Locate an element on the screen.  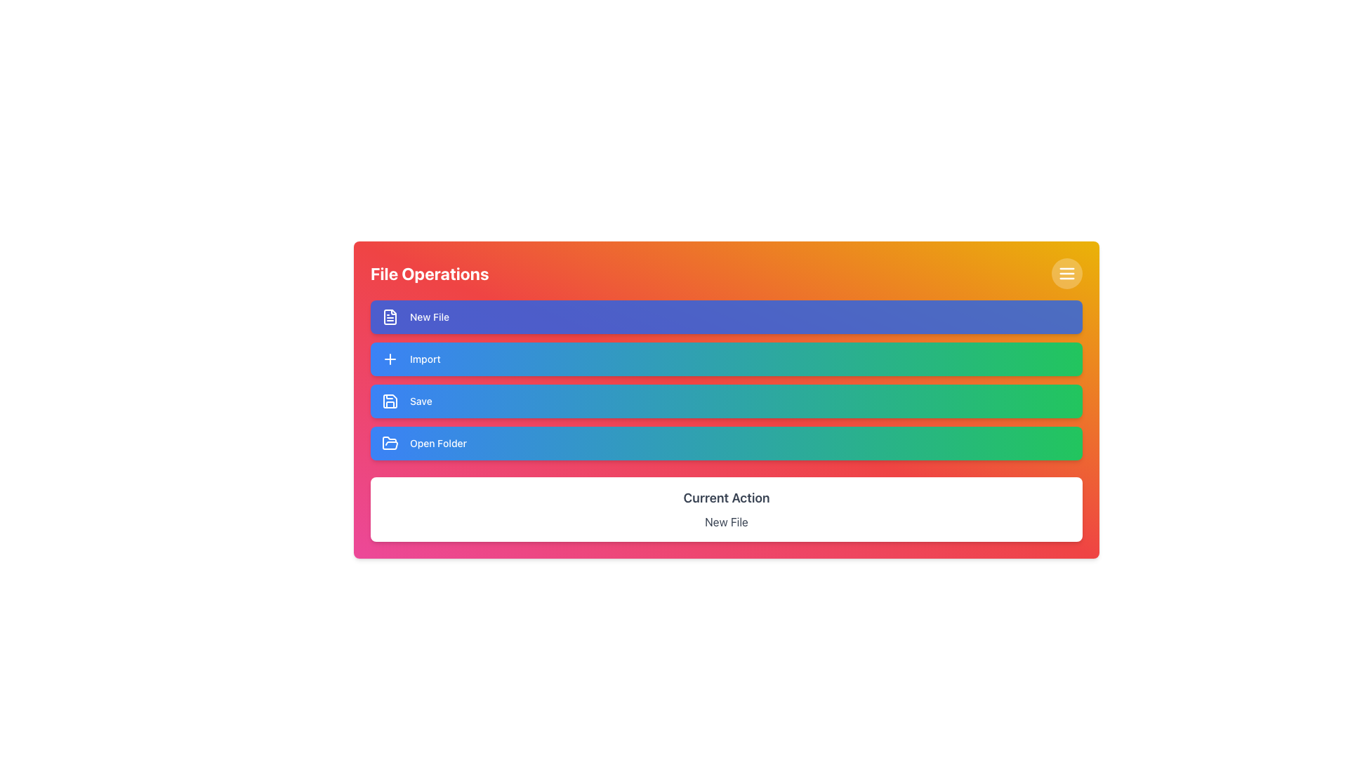
the bold, white-colored text labeled 'File Operations' located in the top-left corner of the header with a gradient background is located at coordinates (429, 273).